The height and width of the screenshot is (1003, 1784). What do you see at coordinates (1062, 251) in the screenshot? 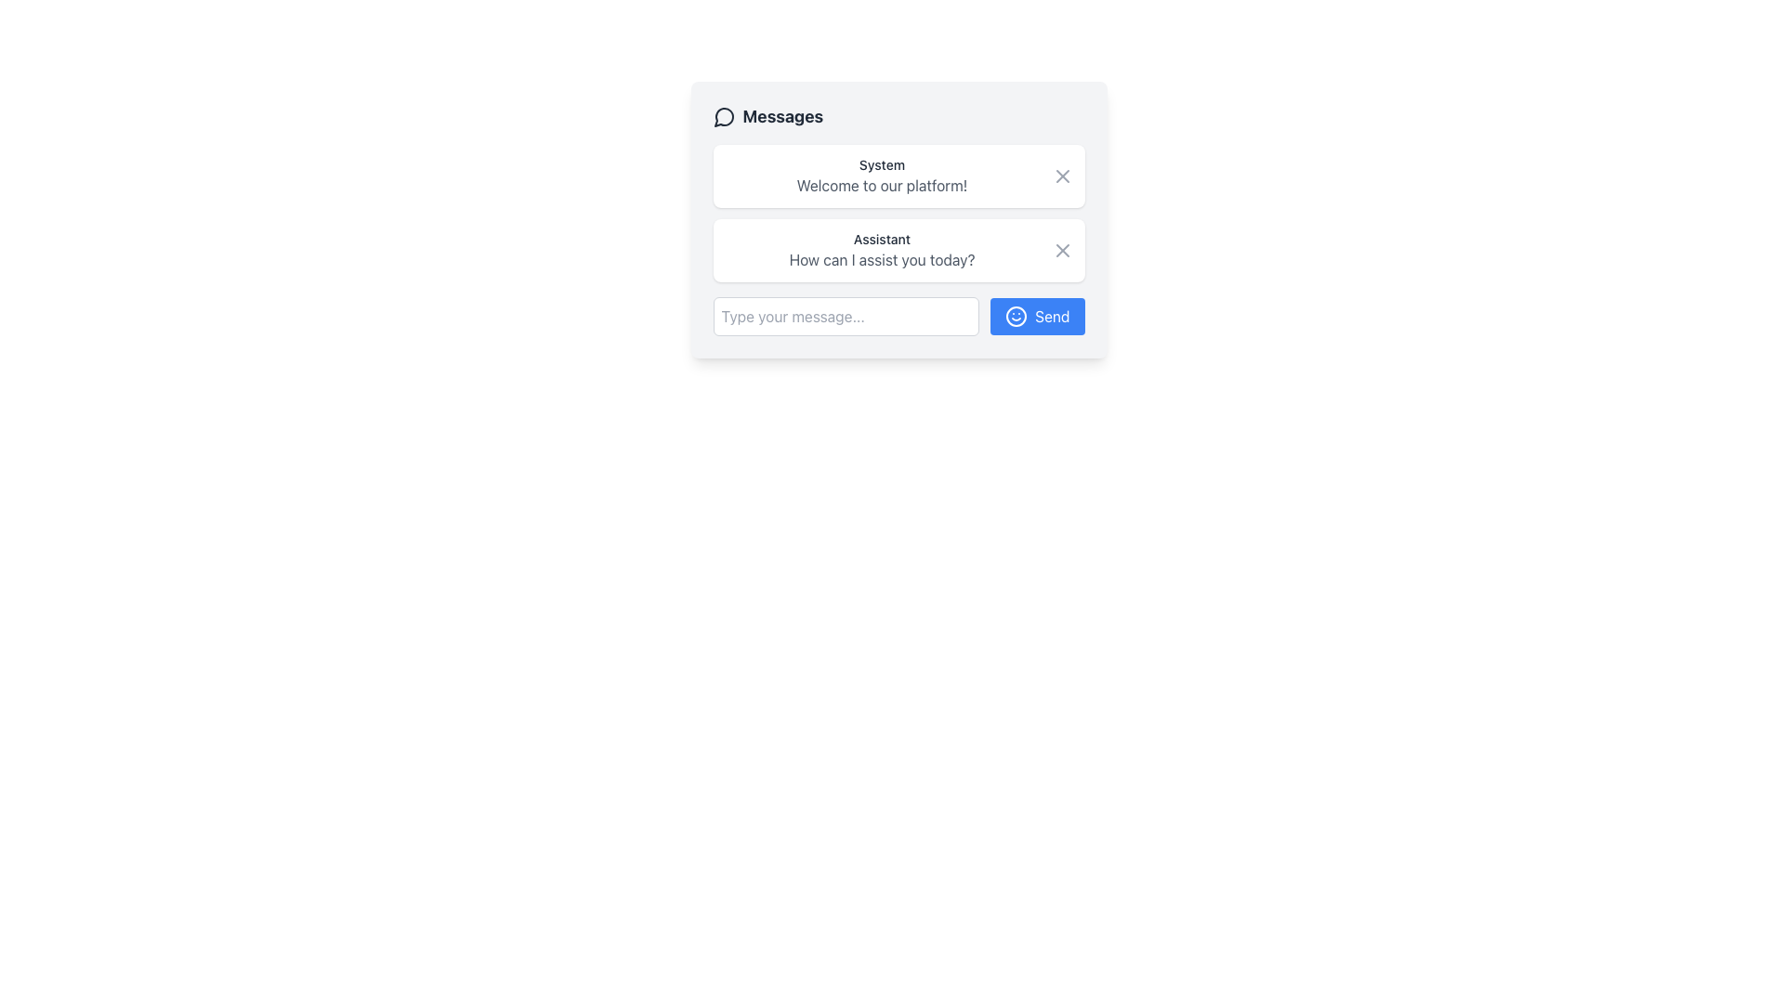
I see `the 'X' shaped close icon located in the top-right corner of the 'Assistant' message box` at bounding box center [1062, 251].